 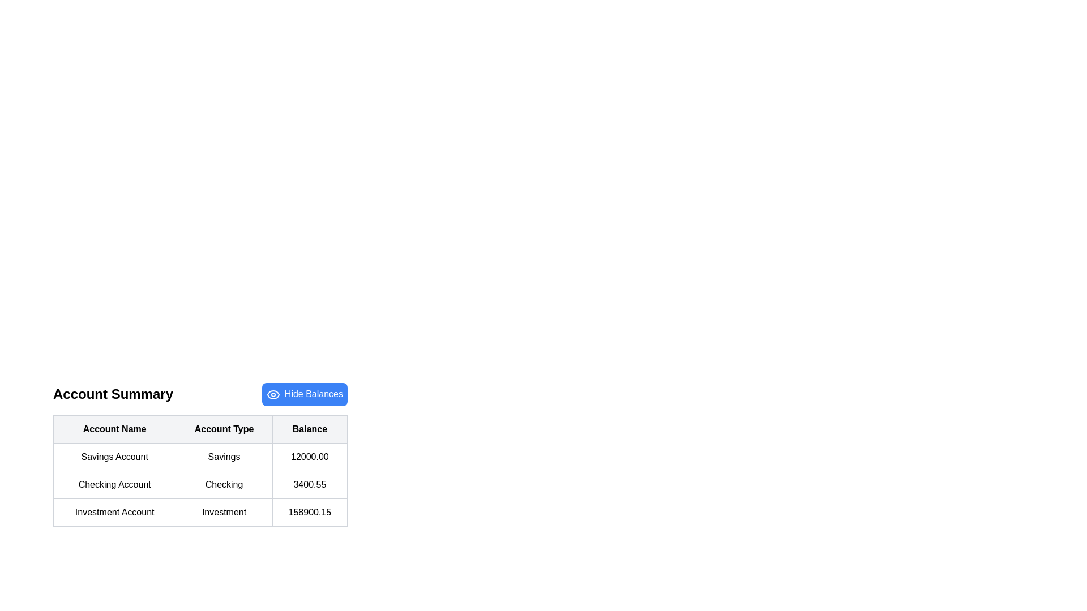 What do you see at coordinates (114, 456) in the screenshot?
I see `the 'Savings Account' text label located in the first row of the 'Account Name' column` at bounding box center [114, 456].